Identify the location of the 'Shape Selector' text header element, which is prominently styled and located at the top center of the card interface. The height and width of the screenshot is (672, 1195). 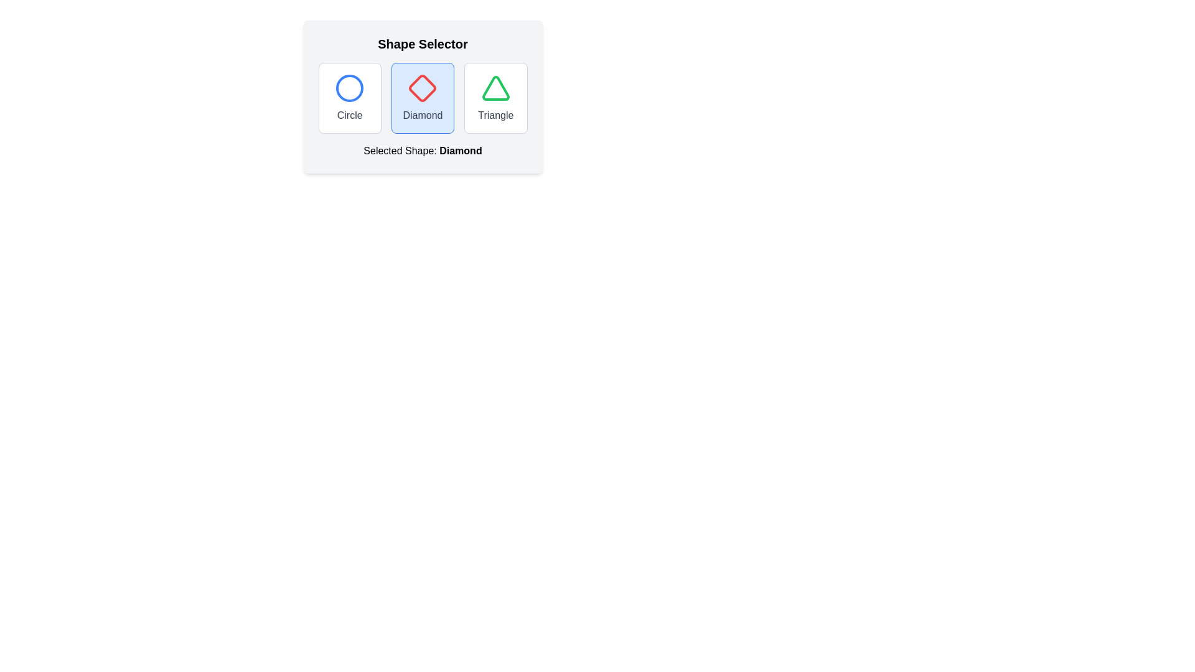
(423, 43).